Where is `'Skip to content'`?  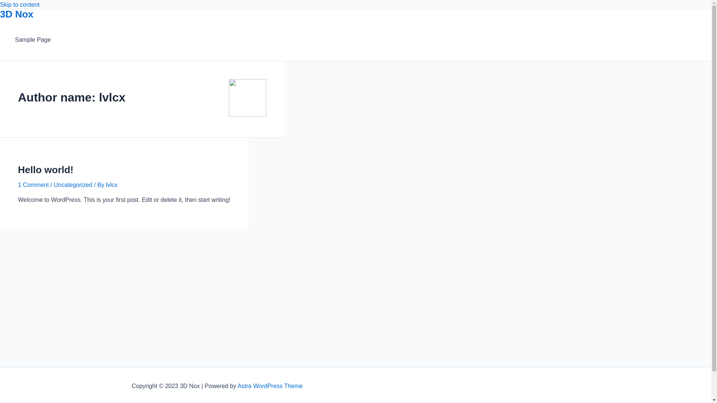 'Skip to content' is located at coordinates (19, 4).